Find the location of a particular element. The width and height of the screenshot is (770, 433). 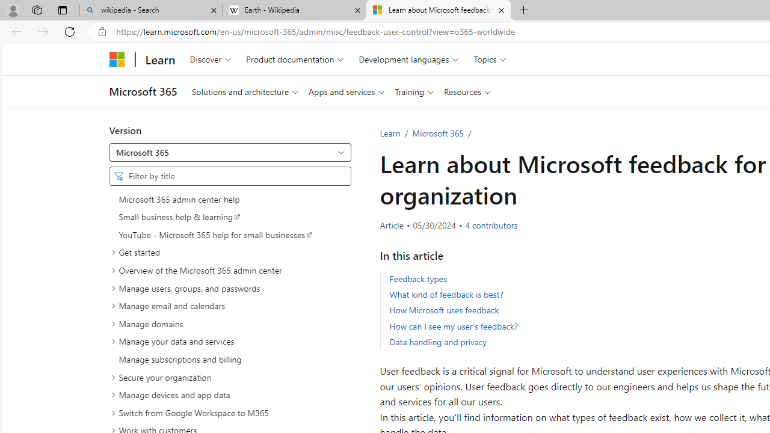

'Resources' is located at coordinates (467, 91).